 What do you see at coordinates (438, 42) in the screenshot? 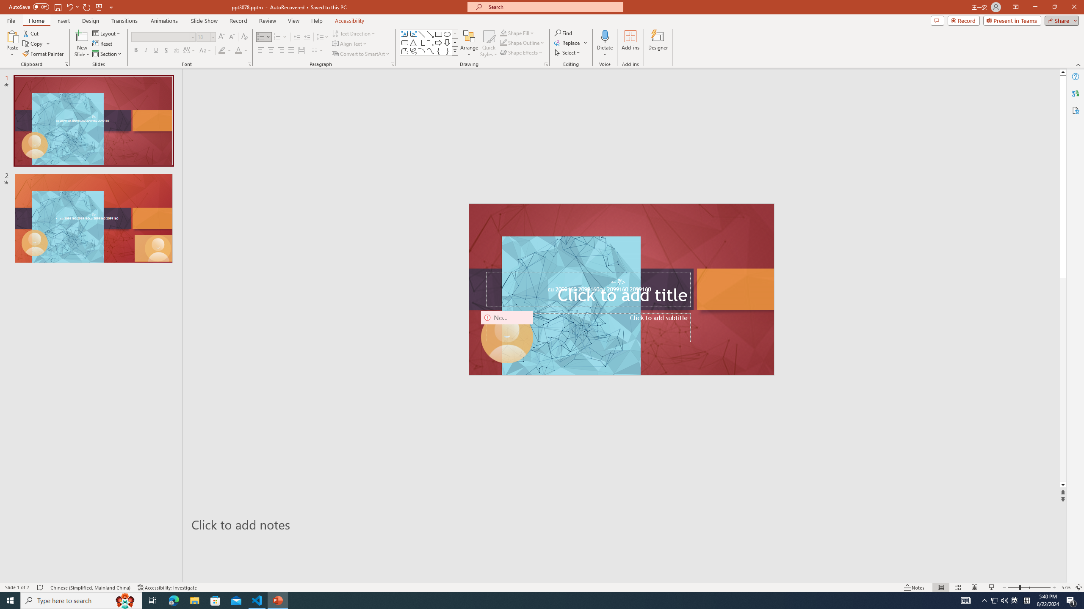
I see `'Arrow: Right'` at bounding box center [438, 42].